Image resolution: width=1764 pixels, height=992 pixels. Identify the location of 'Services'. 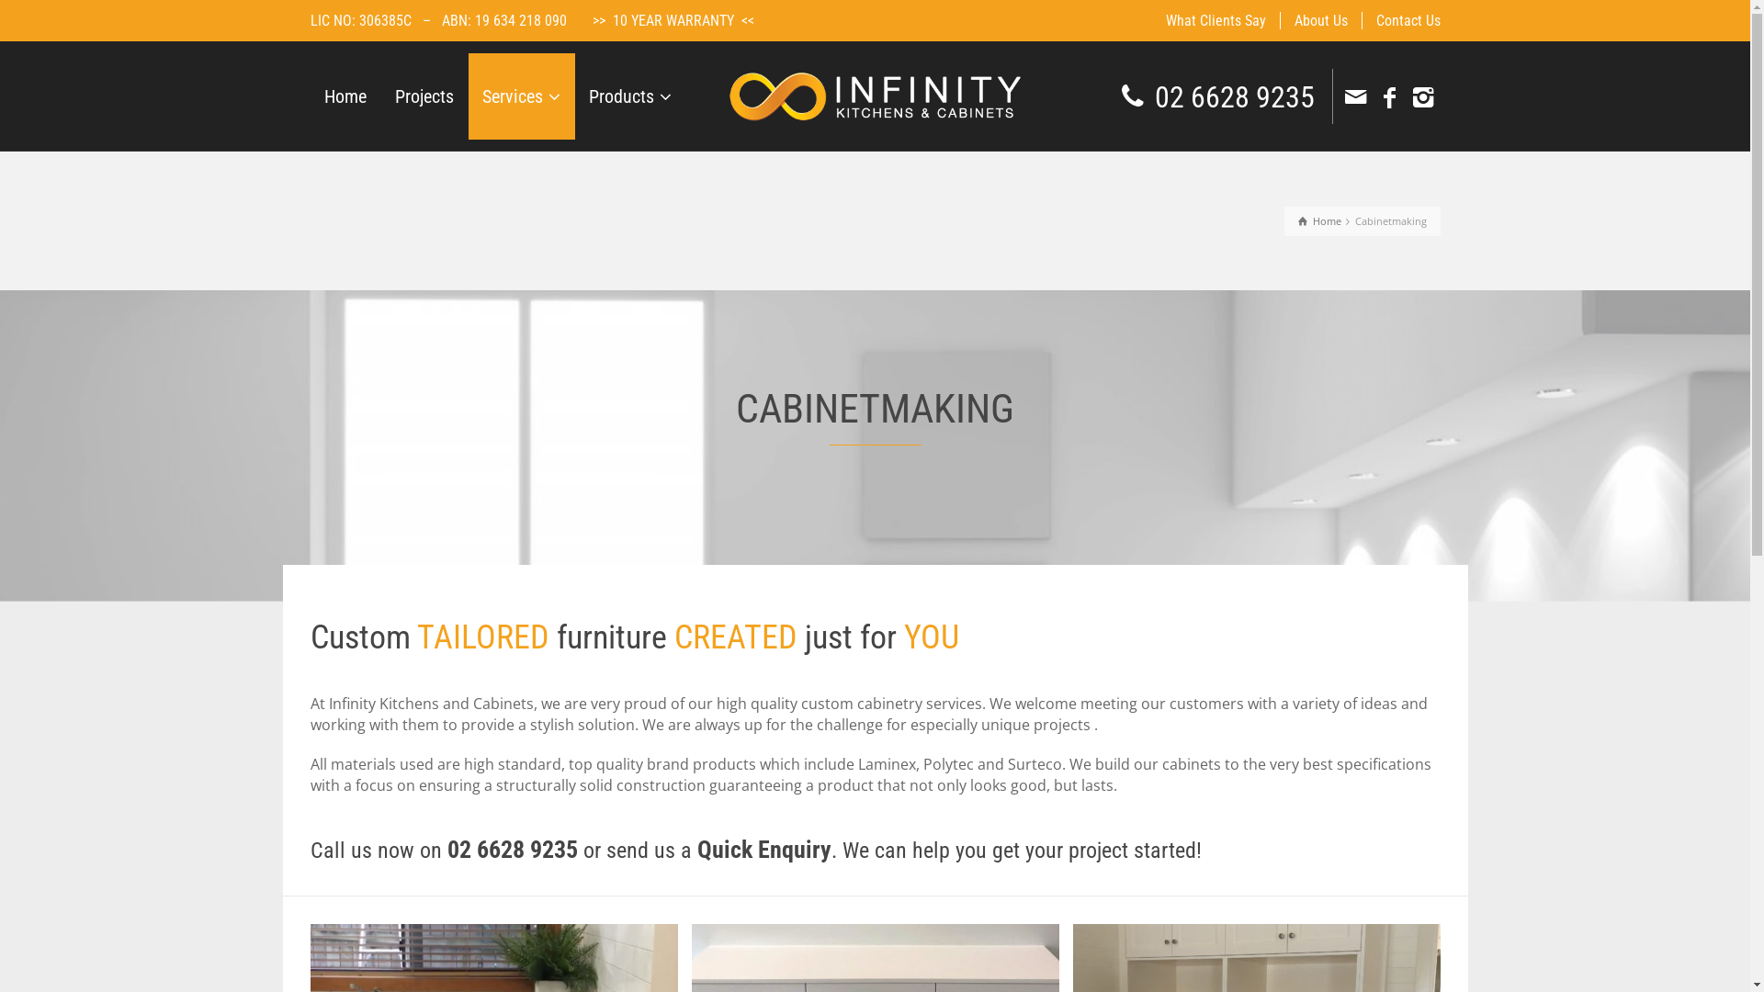
(520, 96).